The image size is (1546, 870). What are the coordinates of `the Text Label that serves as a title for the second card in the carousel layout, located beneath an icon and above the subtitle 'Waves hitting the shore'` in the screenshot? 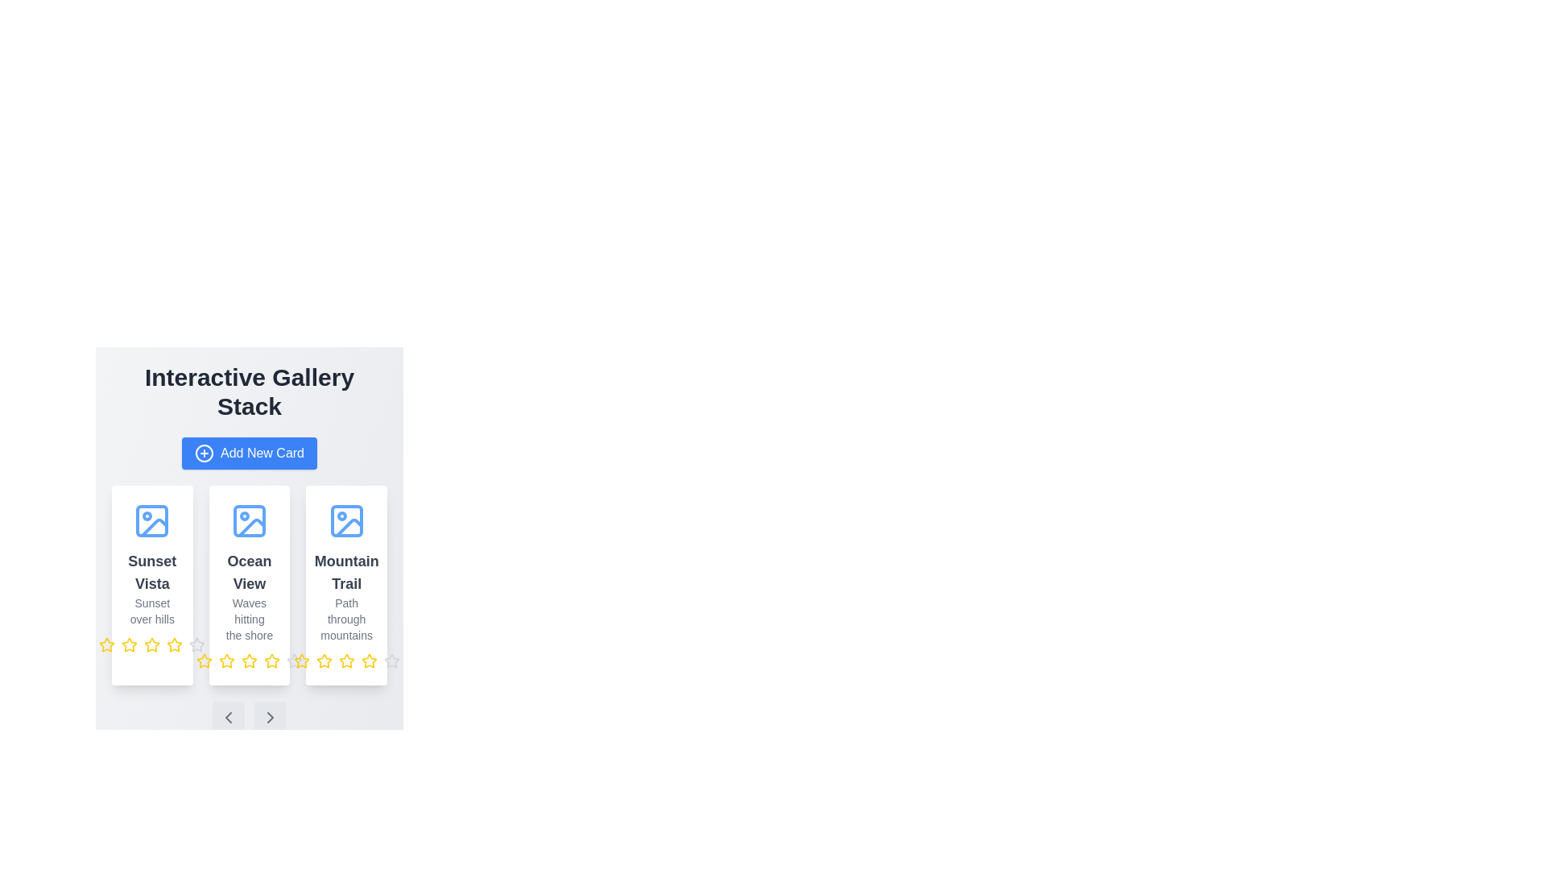 It's located at (249, 571).